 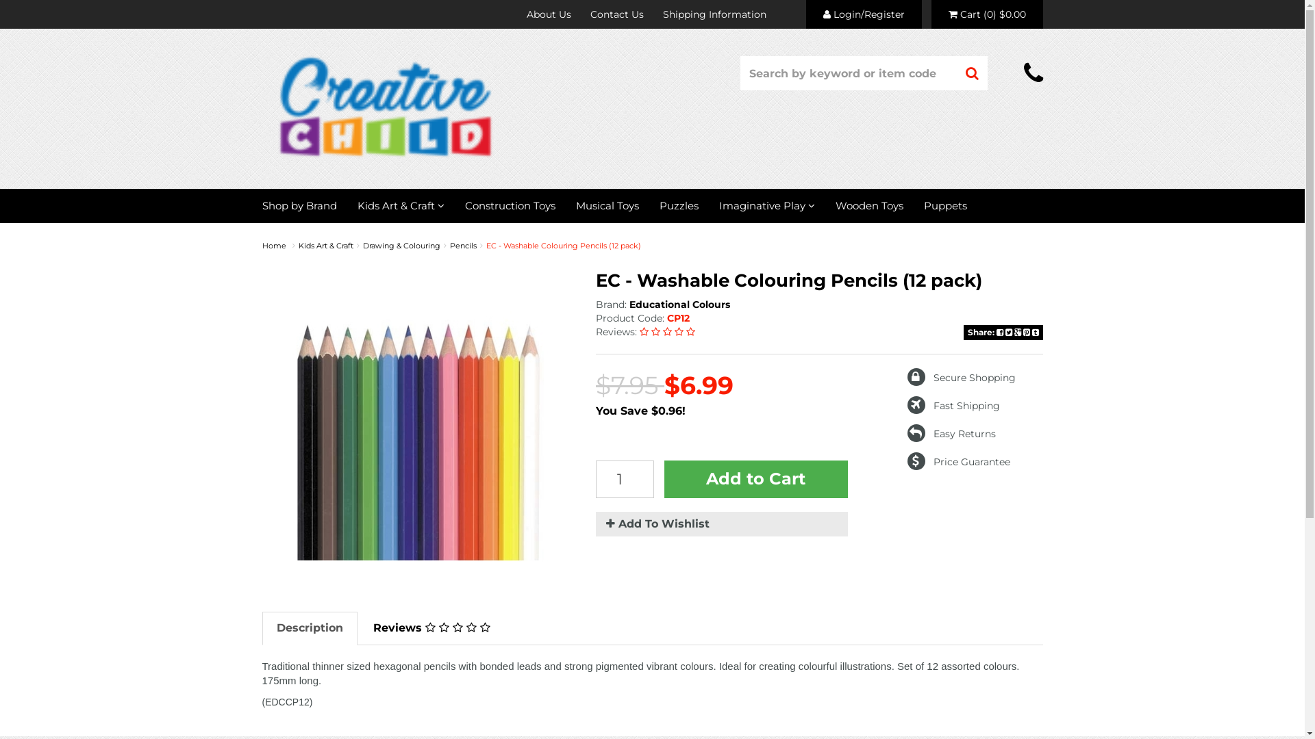 What do you see at coordinates (358, 628) in the screenshot?
I see `'Reviews'` at bounding box center [358, 628].